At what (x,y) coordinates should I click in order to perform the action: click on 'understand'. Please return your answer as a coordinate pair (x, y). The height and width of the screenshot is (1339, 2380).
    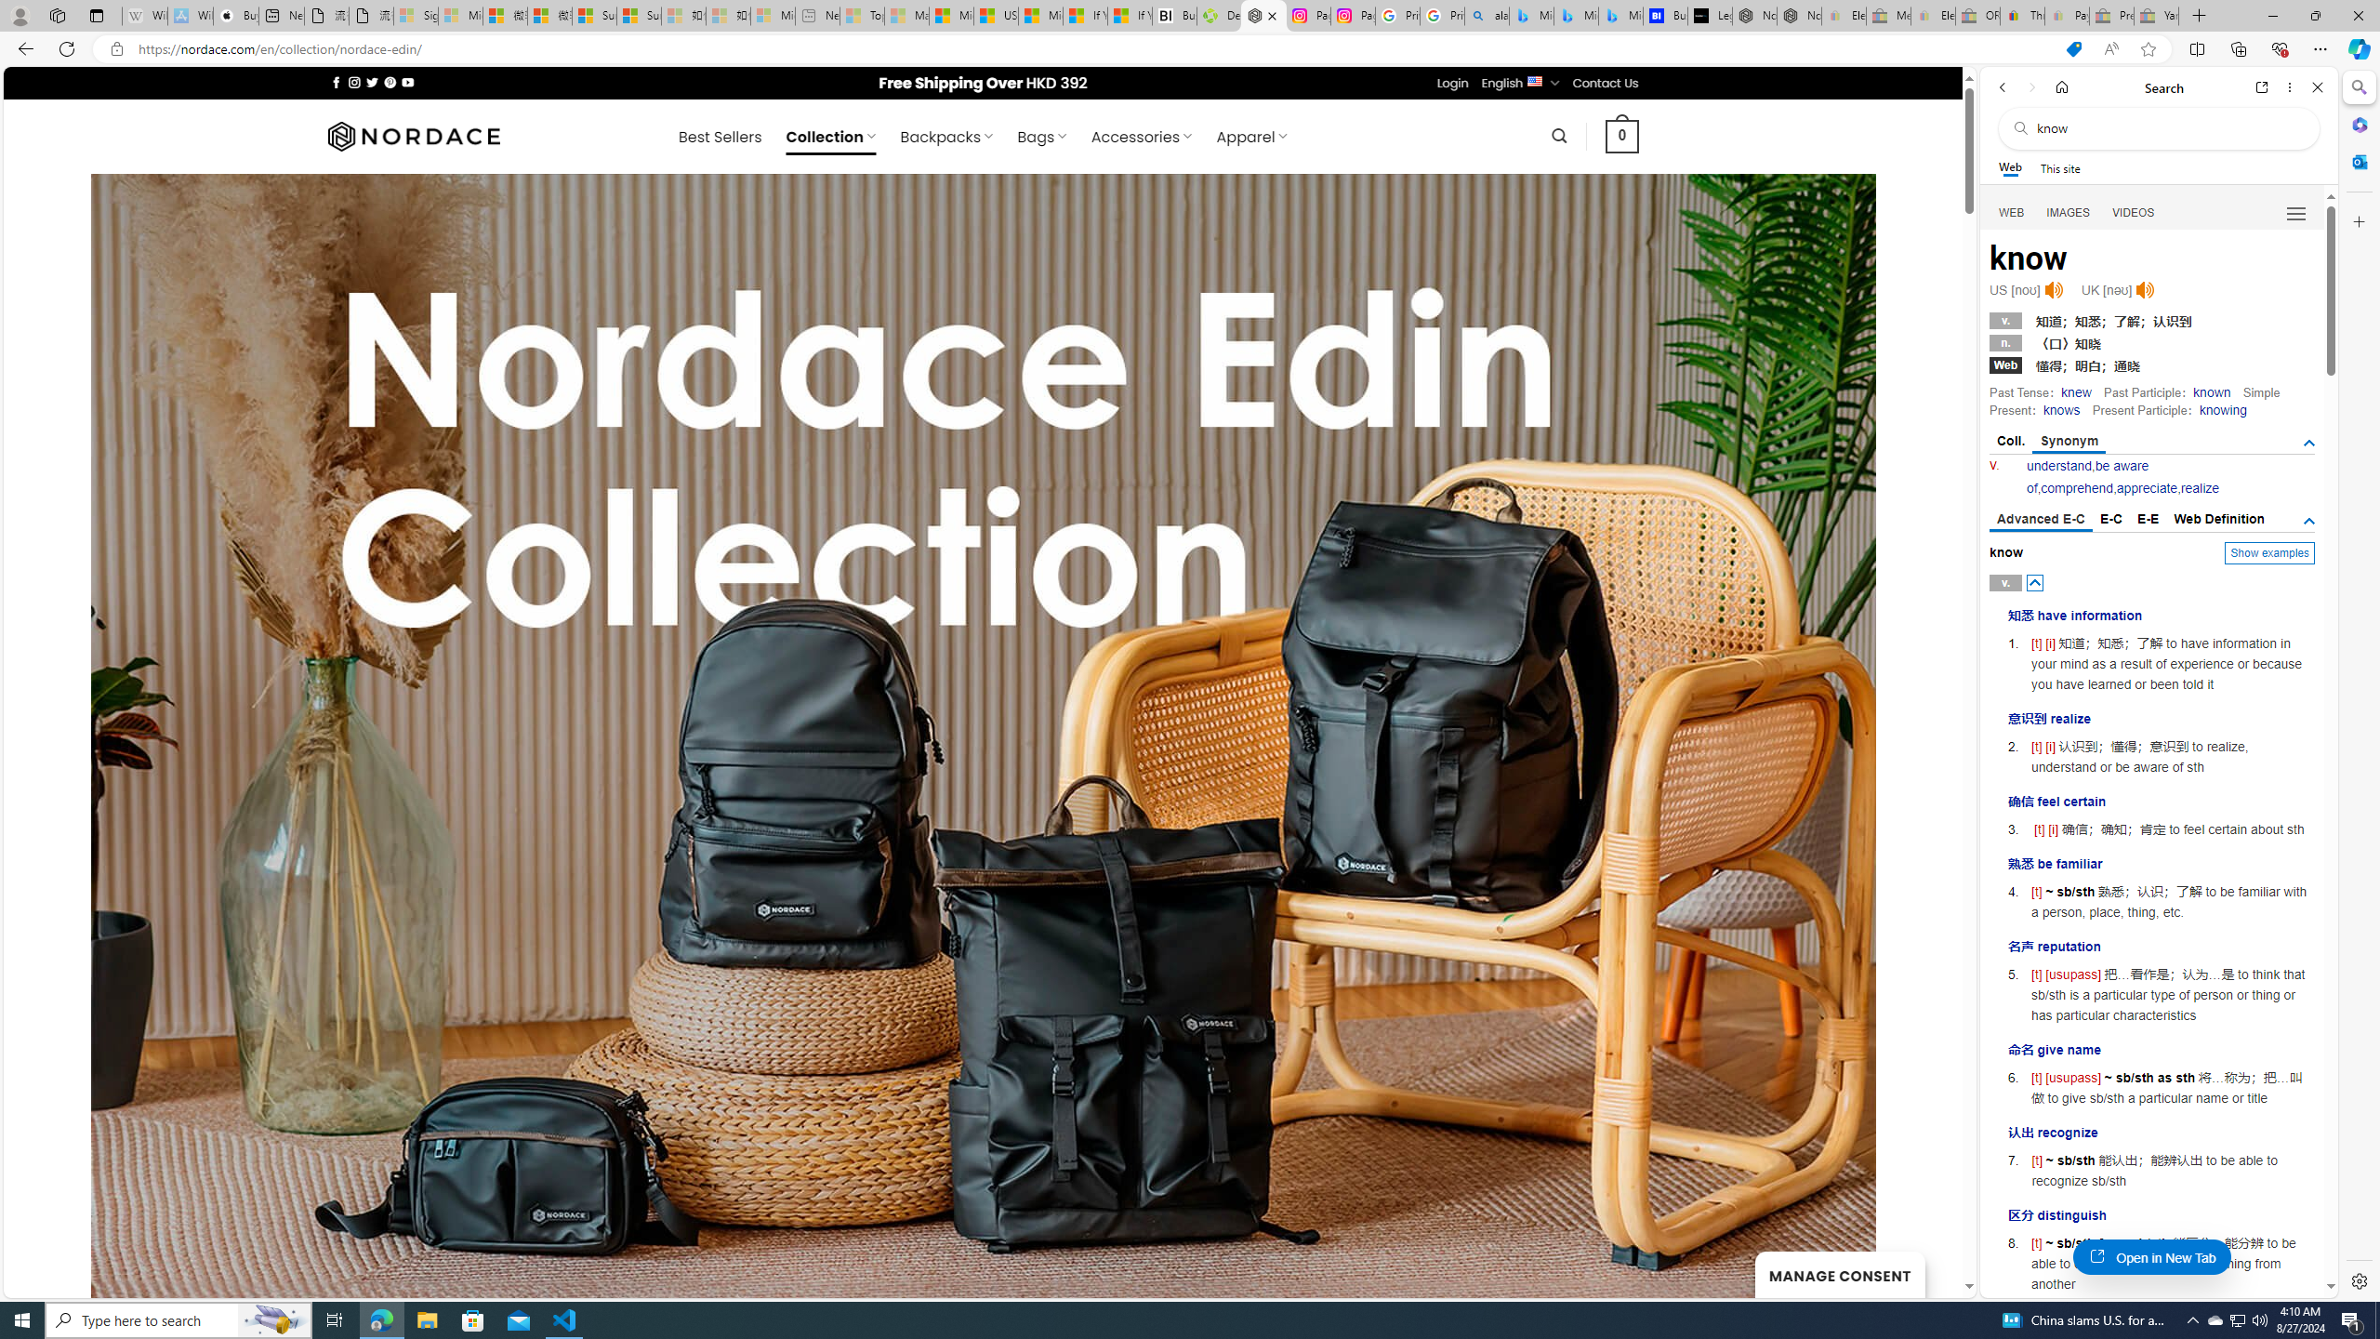
    Looking at the image, I should click on (2058, 466).